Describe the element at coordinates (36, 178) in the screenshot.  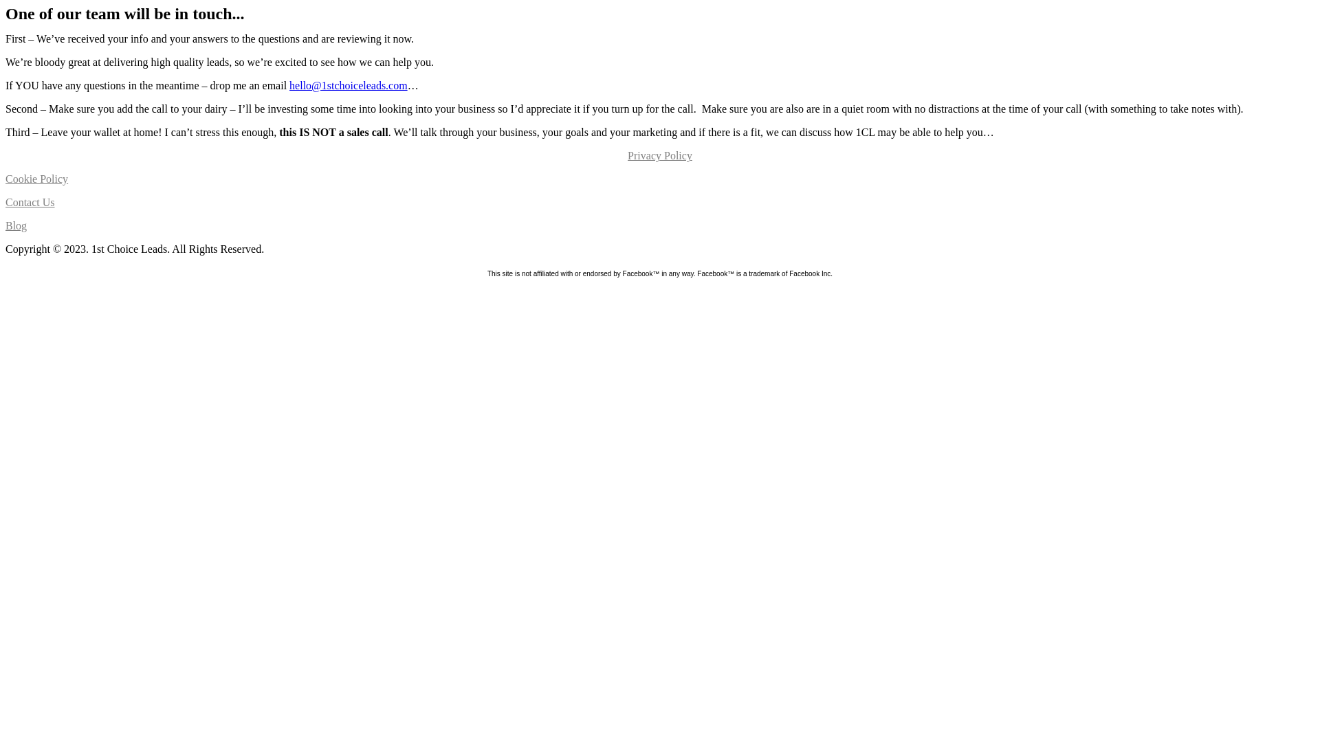
I see `'Cookie Policy'` at that location.